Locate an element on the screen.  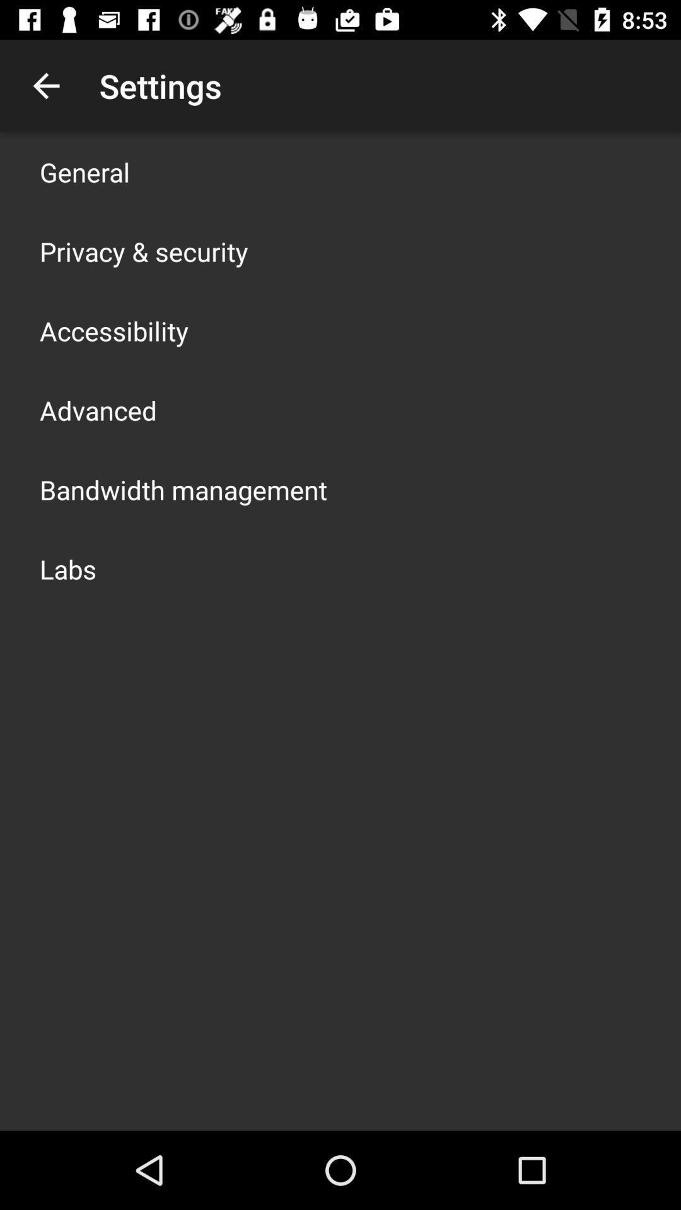
the labs is located at coordinates (68, 568).